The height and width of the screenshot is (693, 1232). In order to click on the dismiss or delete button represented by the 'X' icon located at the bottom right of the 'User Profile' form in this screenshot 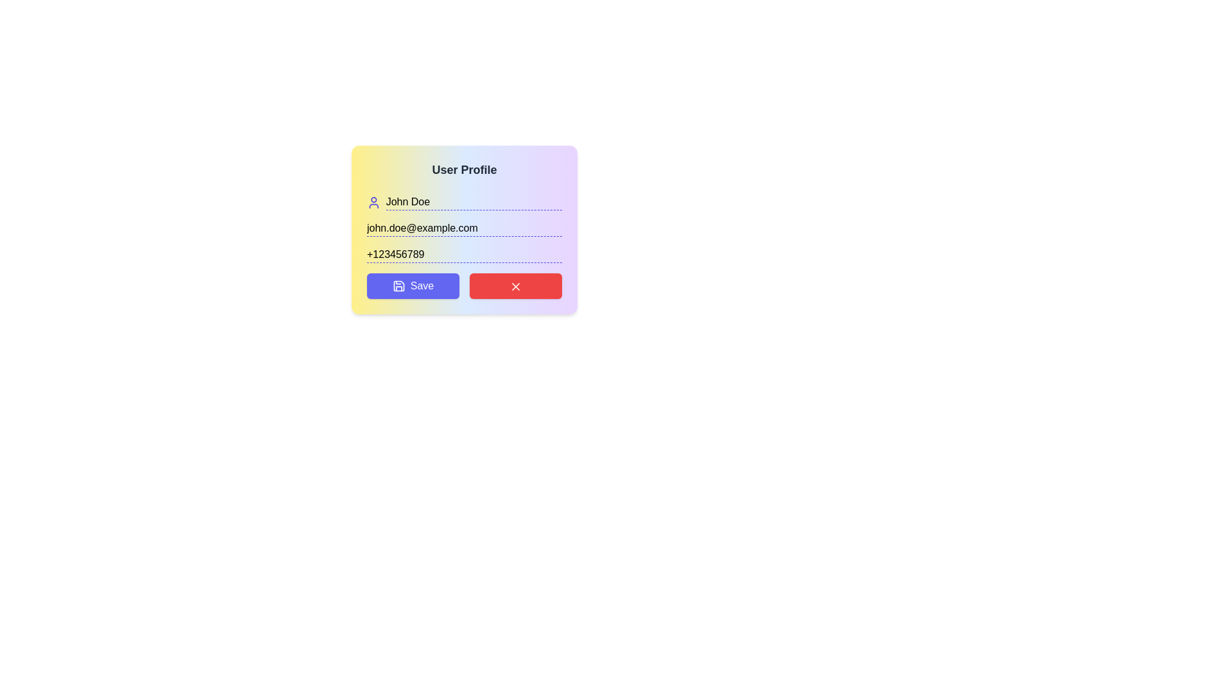, I will do `click(516, 286)`.